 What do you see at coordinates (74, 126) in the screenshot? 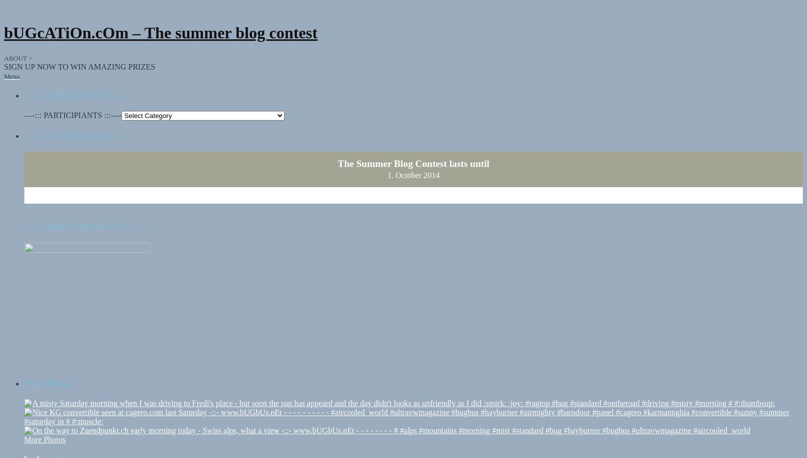
I see `'—-:::  bUGcATiOn.cOm :::—'` at bounding box center [74, 126].